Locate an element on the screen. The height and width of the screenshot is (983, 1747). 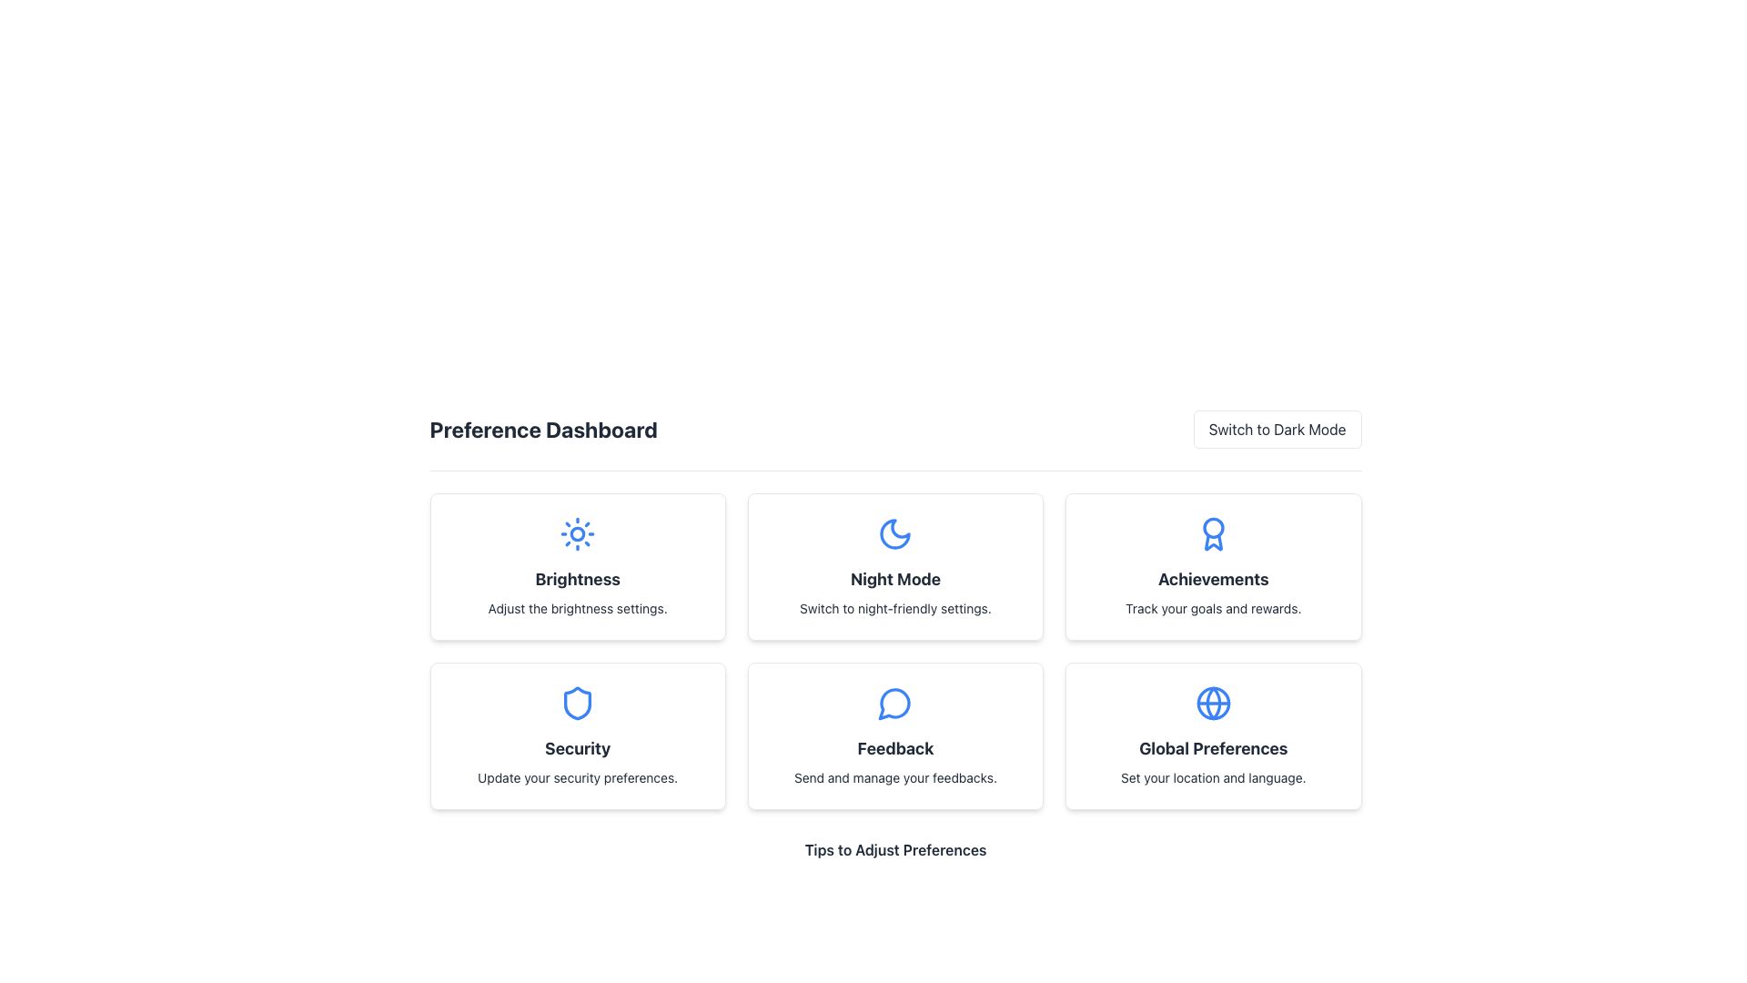
the Interactive card or feature panel in the second row and second column of the grid layout is located at coordinates (895, 735).